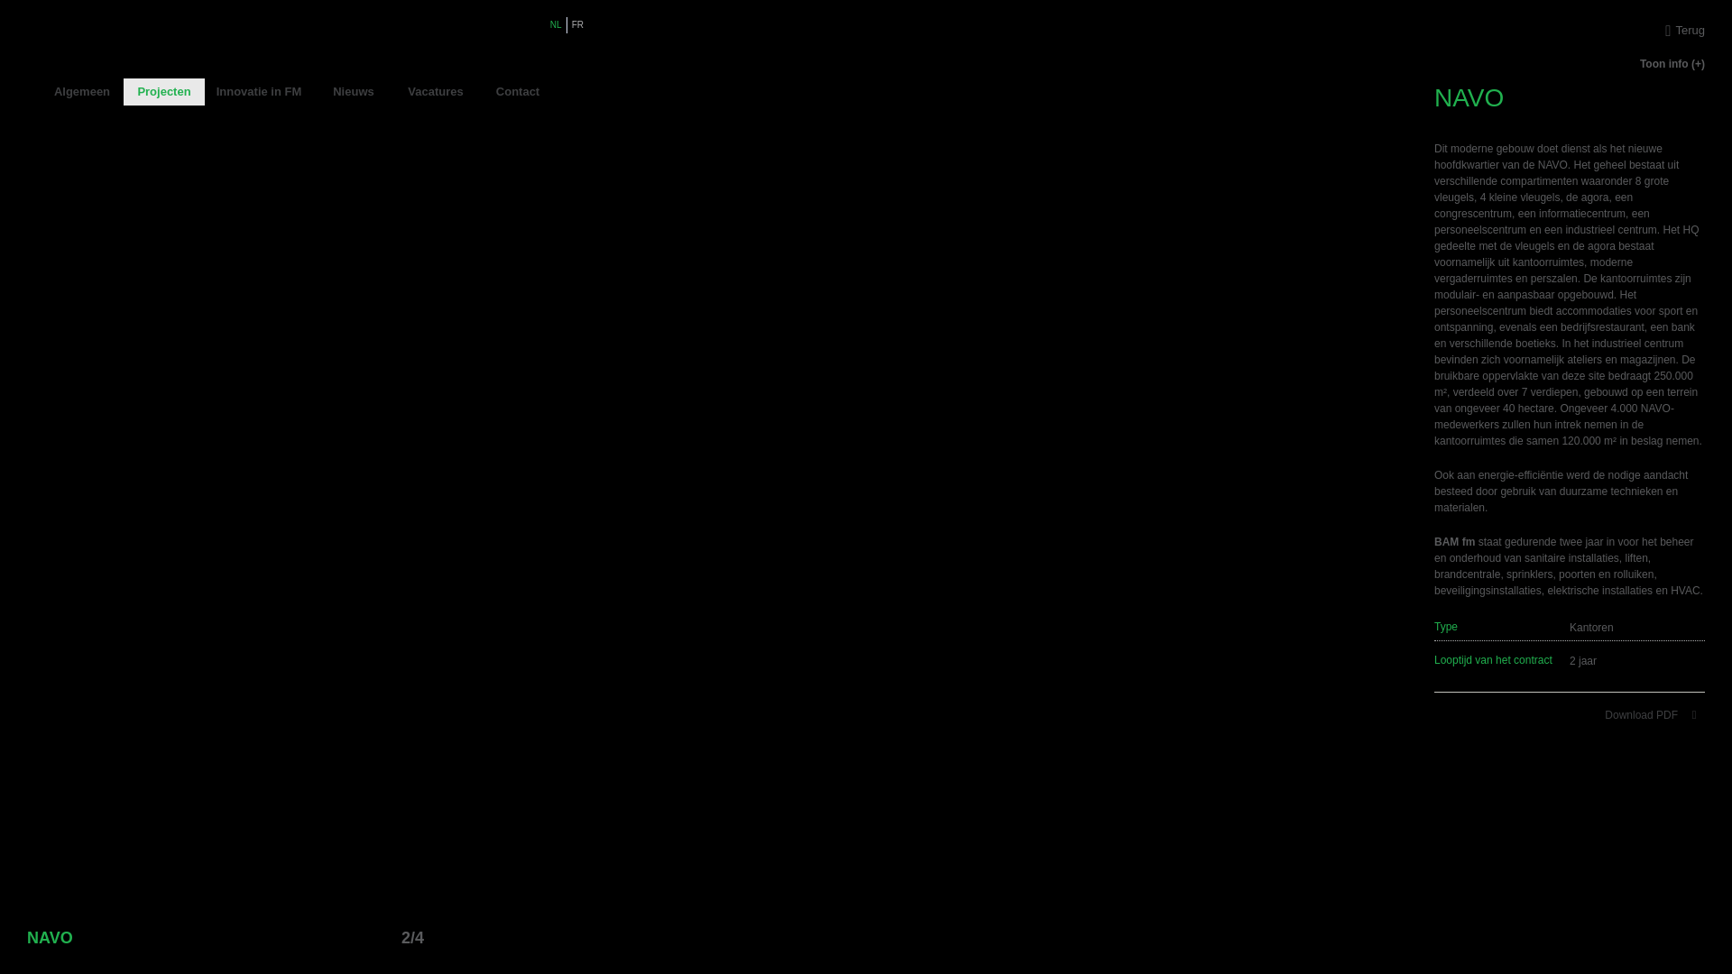  Describe the element at coordinates (81, 91) in the screenshot. I see `'Algemeen'` at that location.